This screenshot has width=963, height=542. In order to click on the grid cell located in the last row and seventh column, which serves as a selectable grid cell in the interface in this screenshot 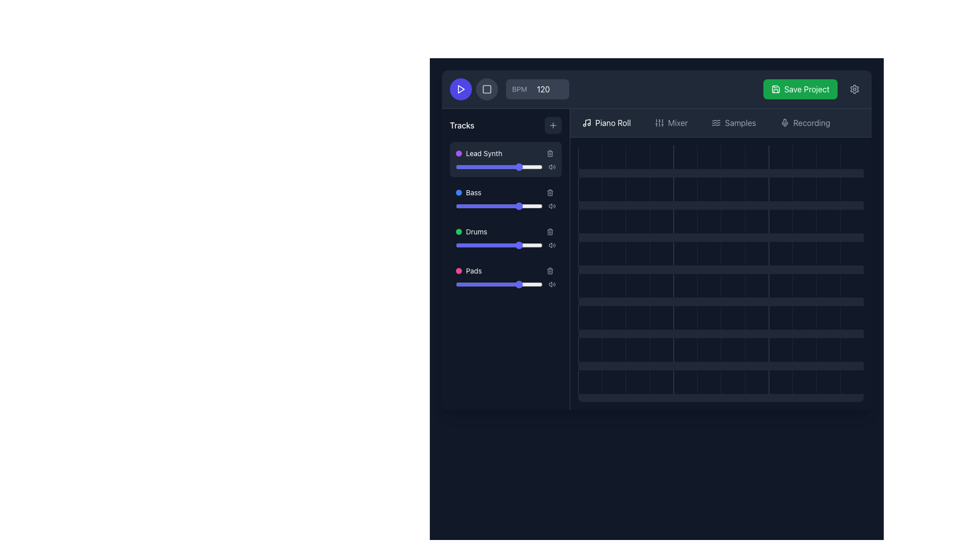, I will do `click(733, 318)`.